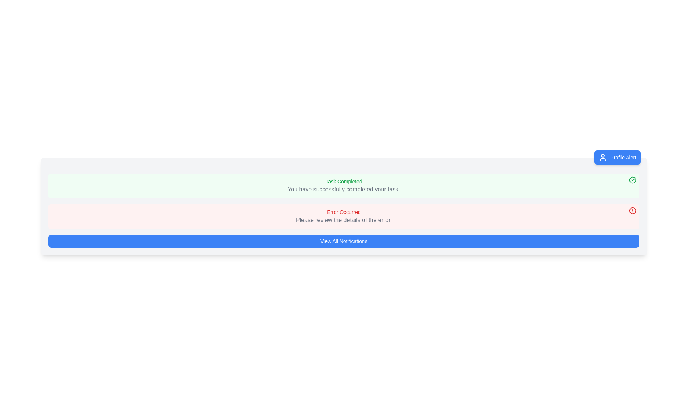 The width and height of the screenshot is (699, 393). I want to click on the Circular Icon in the notification panel that indicates an error or alert, located adjacent to a red-backgrounded error description, so click(632, 210).